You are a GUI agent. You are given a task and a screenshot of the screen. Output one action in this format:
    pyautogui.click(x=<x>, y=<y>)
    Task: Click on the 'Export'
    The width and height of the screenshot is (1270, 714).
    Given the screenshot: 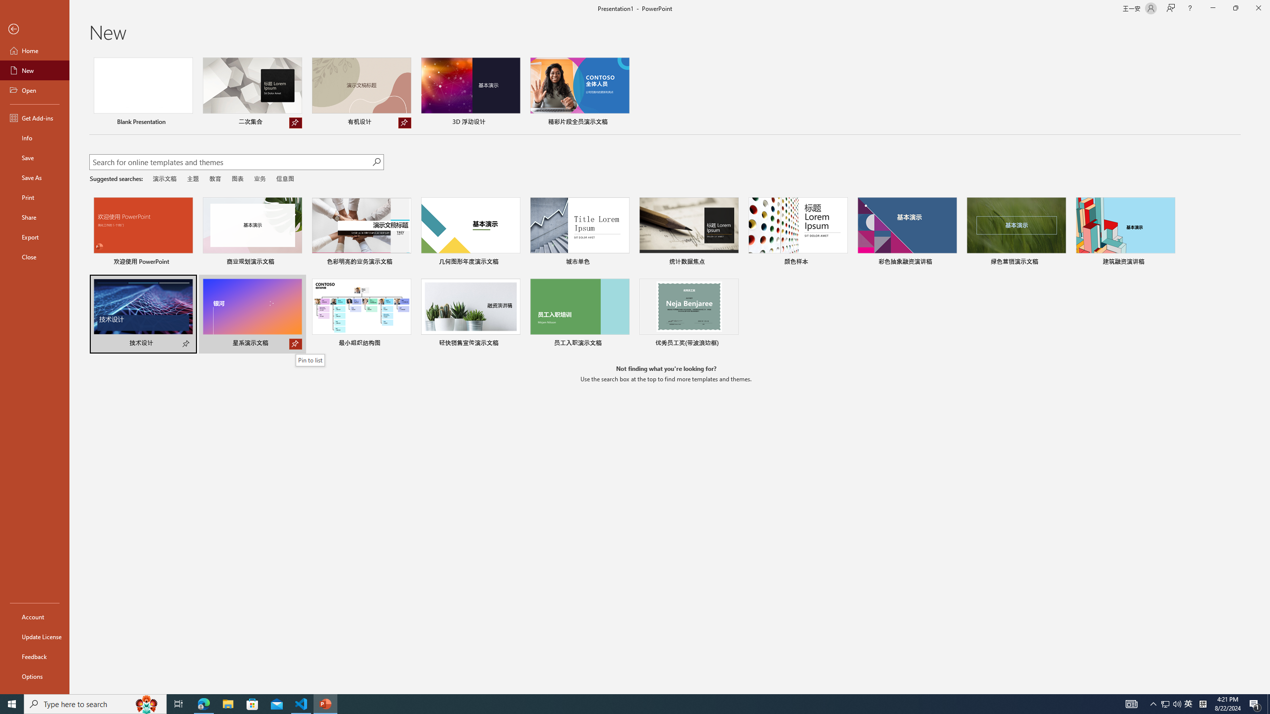 What is the action you would take?
    pyautogui.click(x=34, y=237)
    